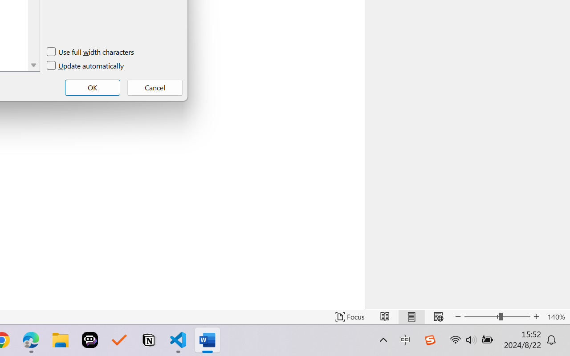 The image size is (570, 356). What do you see at coordinates (430, 340) in the screenshot?
I see `'Class: Image'` at bounding box center [430, 340].